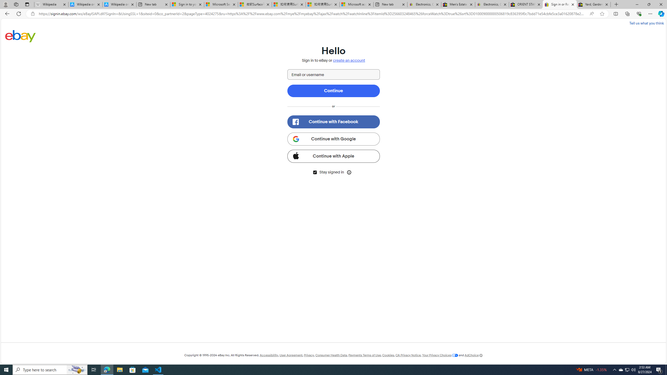 The height and width of the screenshot is (375, 667). What do you see at coordinates (364, 355) in the screenshot?
I see `'Payments Terms of Use'` at bounding box center [364, 355].